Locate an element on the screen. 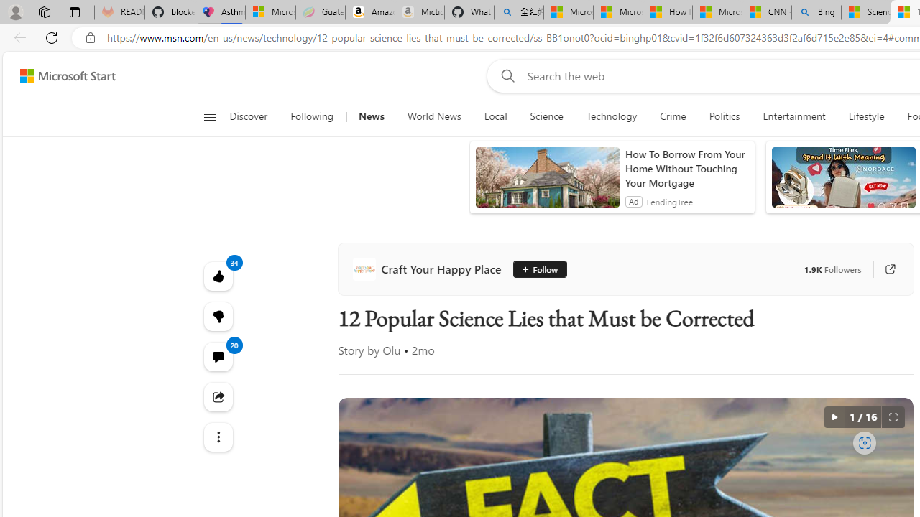  'Bing' is located at coordinates (816, 12).